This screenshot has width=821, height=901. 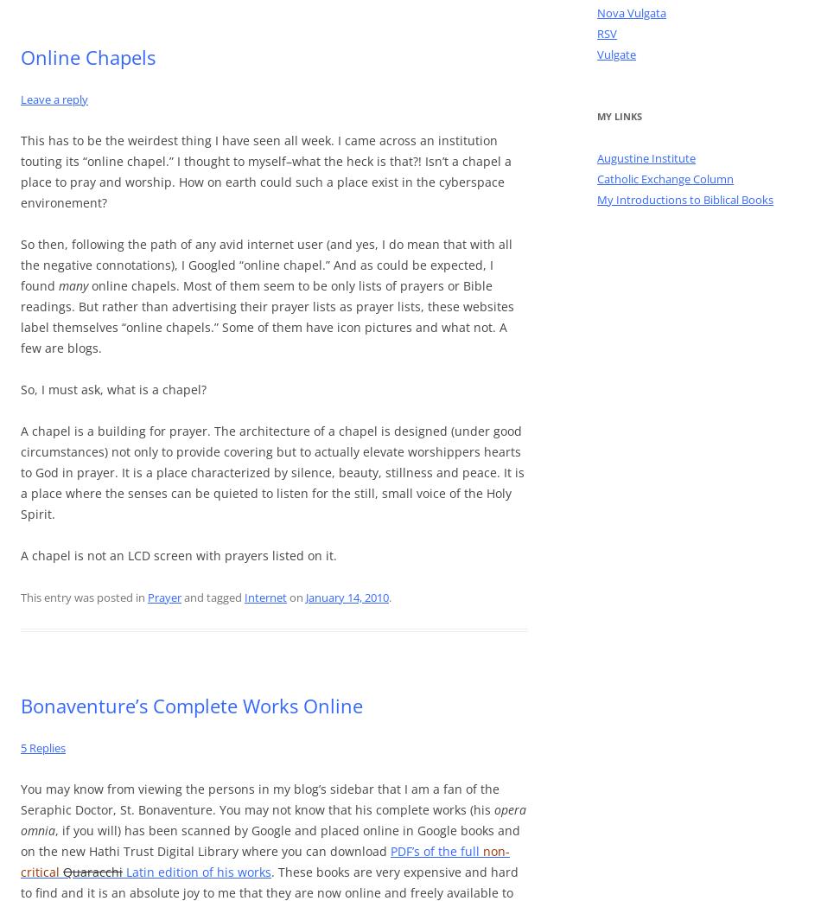 I want to click on 'Quaracchi', so click(x=92, y=872).